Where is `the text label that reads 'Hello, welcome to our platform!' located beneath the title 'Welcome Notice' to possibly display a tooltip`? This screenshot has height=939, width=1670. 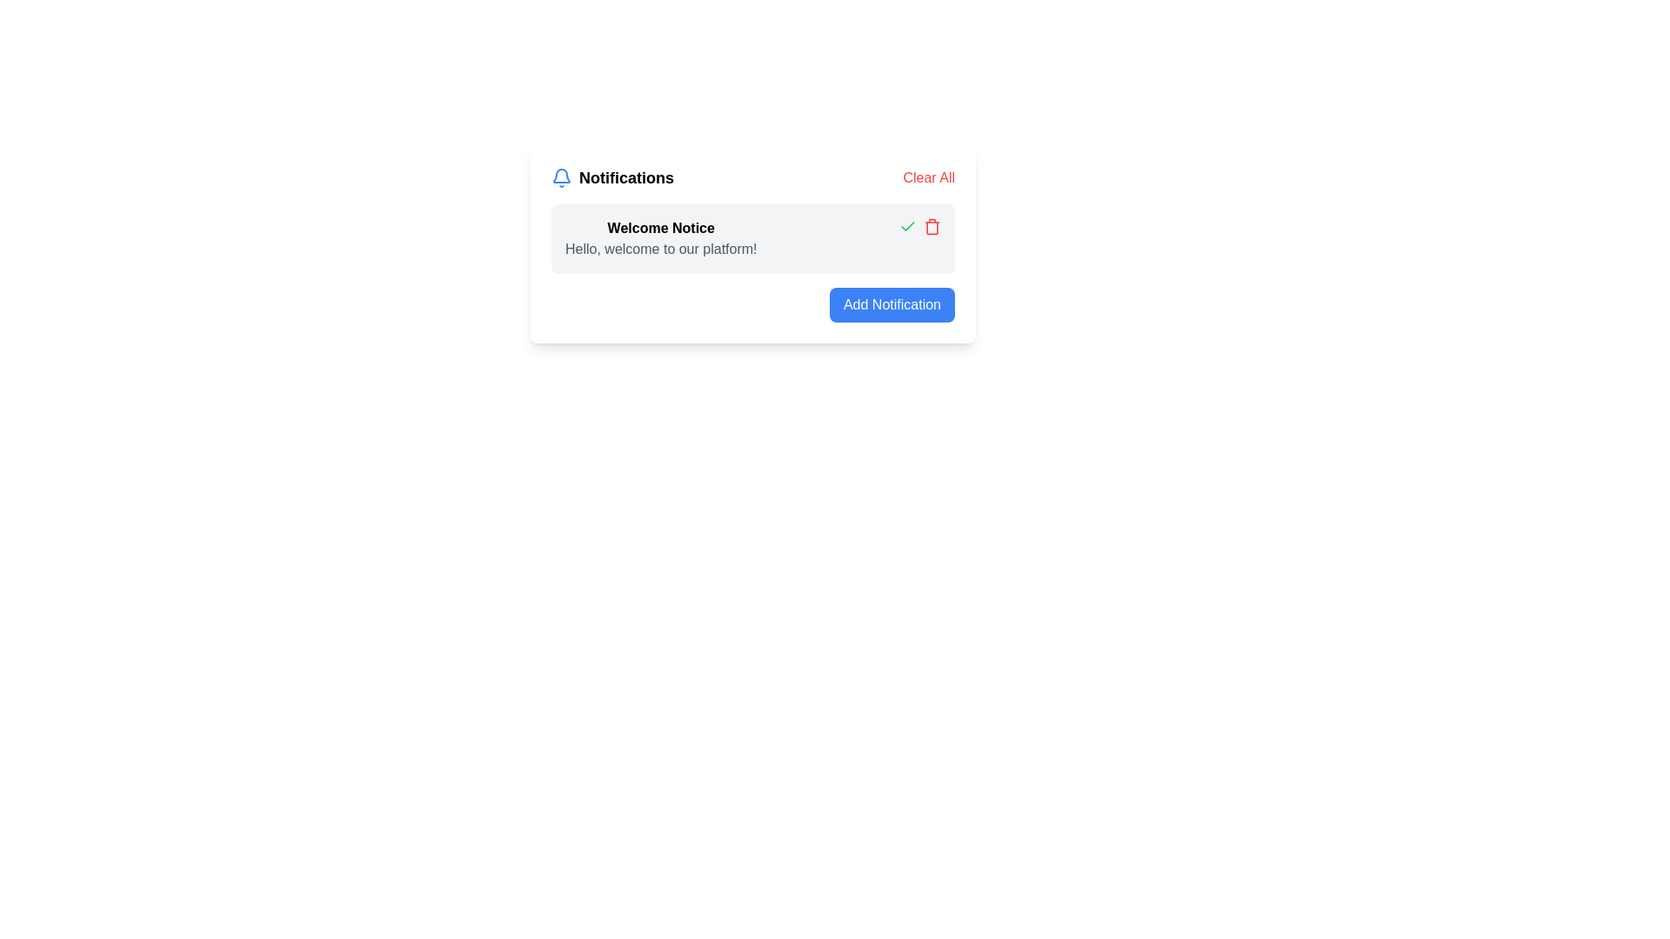
the text label that reads 'Hello, welcome to our platform!' located beneath the title 'Welcome Notice' to possibly display a tooltip is located at coordinates (660, 249).